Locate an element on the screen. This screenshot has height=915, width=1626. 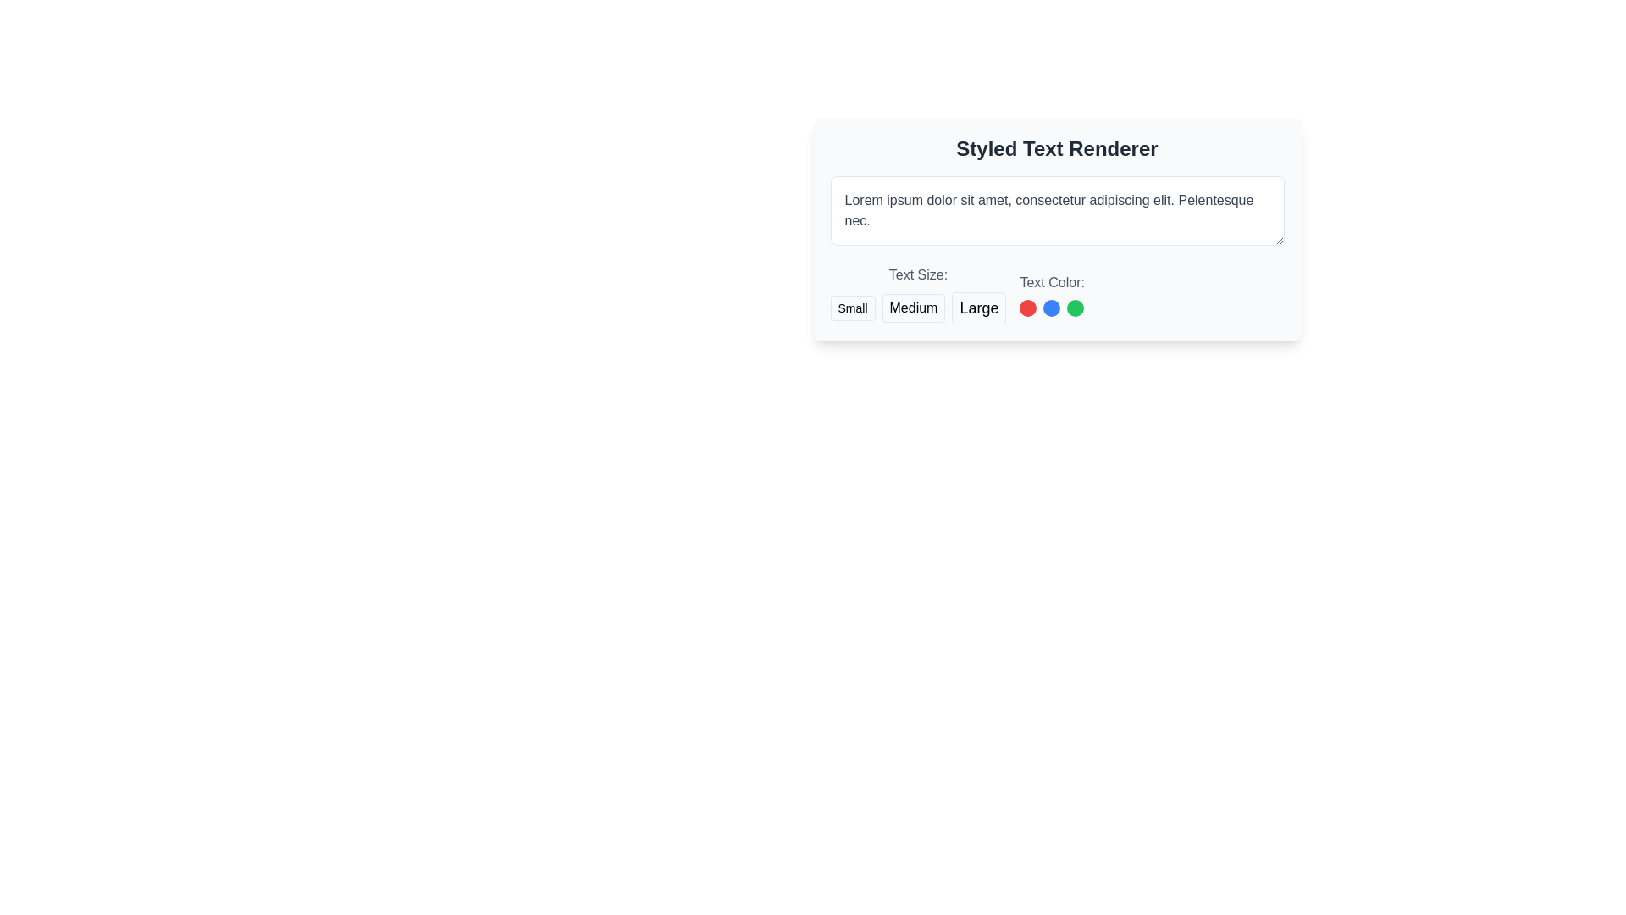
the text label reading 'Text Size:' which is styled in gray and located above the buttons for selecting text sizes is located at coordinates (917, 274).